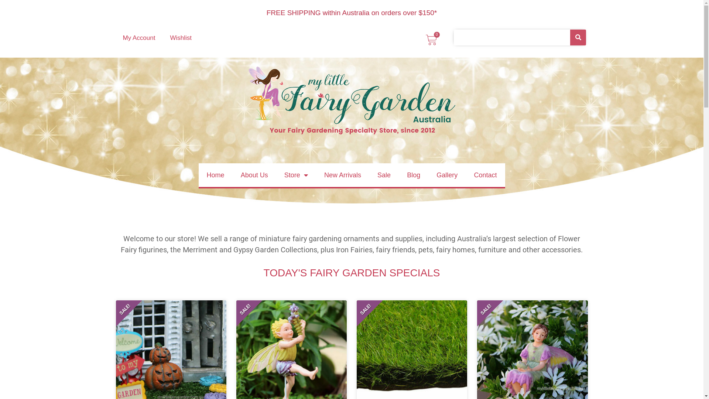  I want to click on 'Home', so click(215, 175).